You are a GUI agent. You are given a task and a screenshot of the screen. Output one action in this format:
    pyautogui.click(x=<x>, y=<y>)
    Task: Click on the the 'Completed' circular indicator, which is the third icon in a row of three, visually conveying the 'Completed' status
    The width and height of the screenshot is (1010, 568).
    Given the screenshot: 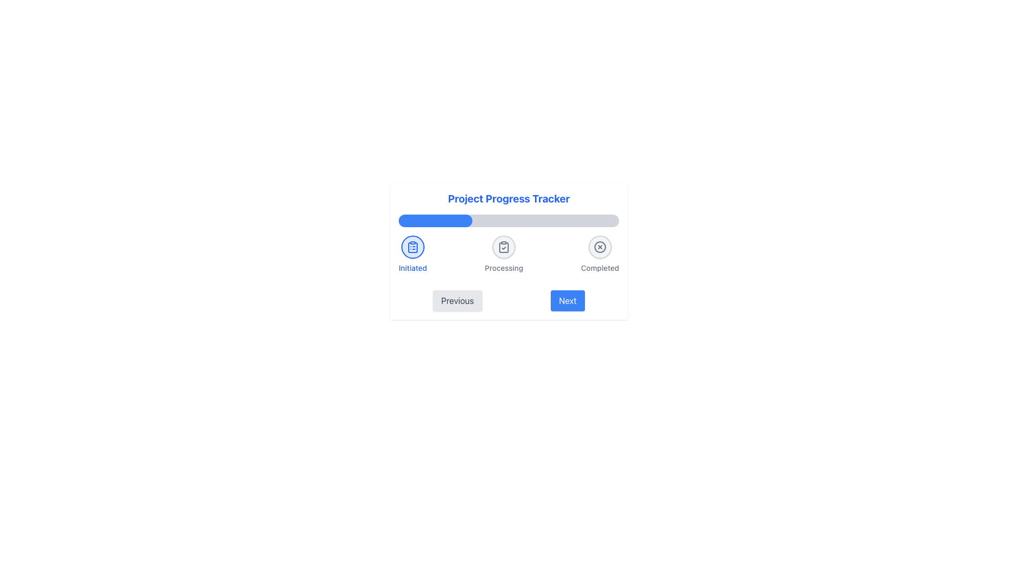 What is the action you would take?
    pyautogui.click(x=600, y=247)
    